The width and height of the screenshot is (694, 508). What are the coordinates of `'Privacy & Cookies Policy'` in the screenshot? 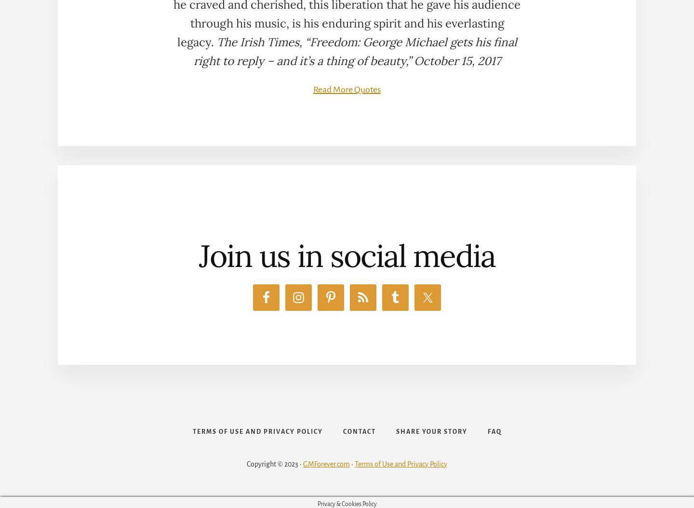 It's located at (347, 503).